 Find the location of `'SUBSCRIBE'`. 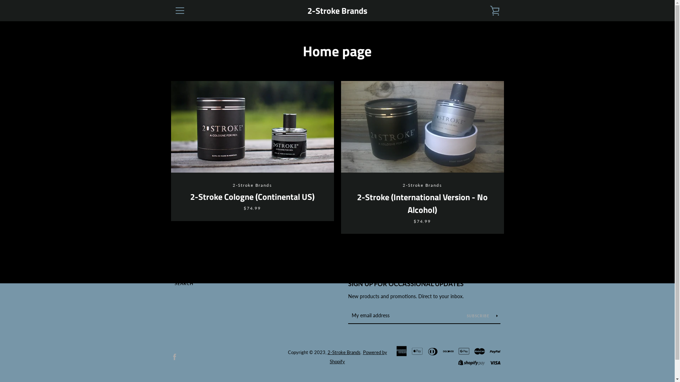

'SUBSCRIBE' is located at coordinates (482, 315).